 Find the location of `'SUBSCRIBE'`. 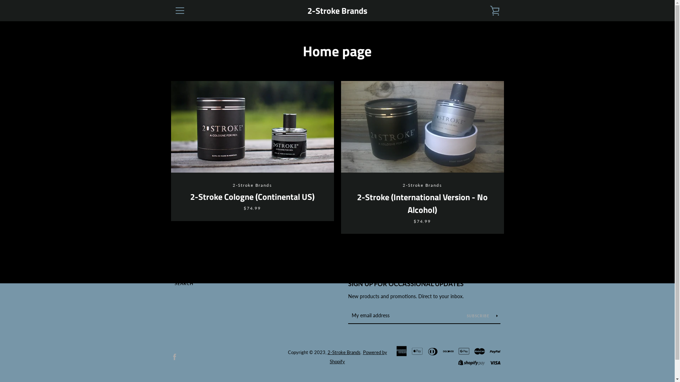

'SUBSCRIBE' is located at coordinates (482, 315).